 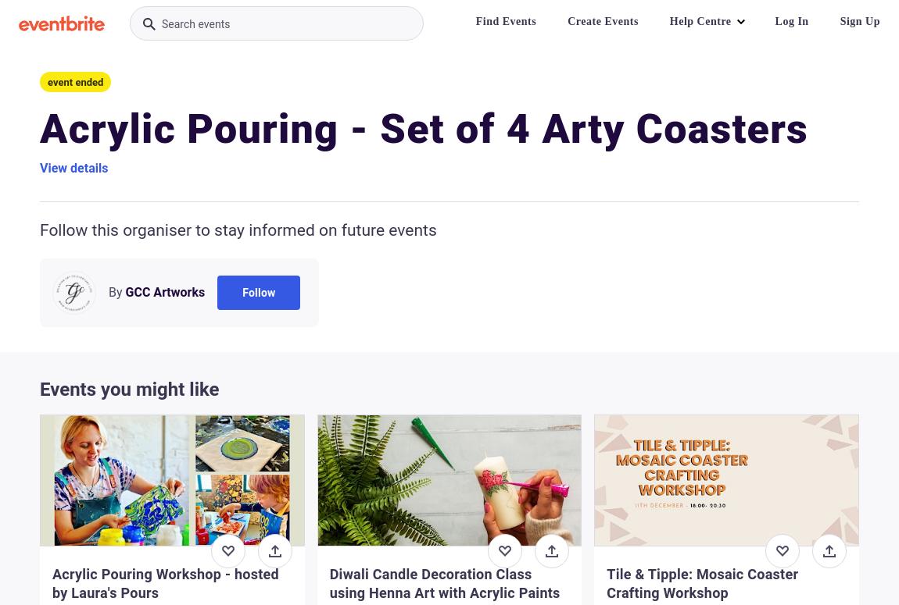 I want to click on 'Acrylic Pouring Workshop - hosted by Laura's Pours', so click(x=164, y=582).